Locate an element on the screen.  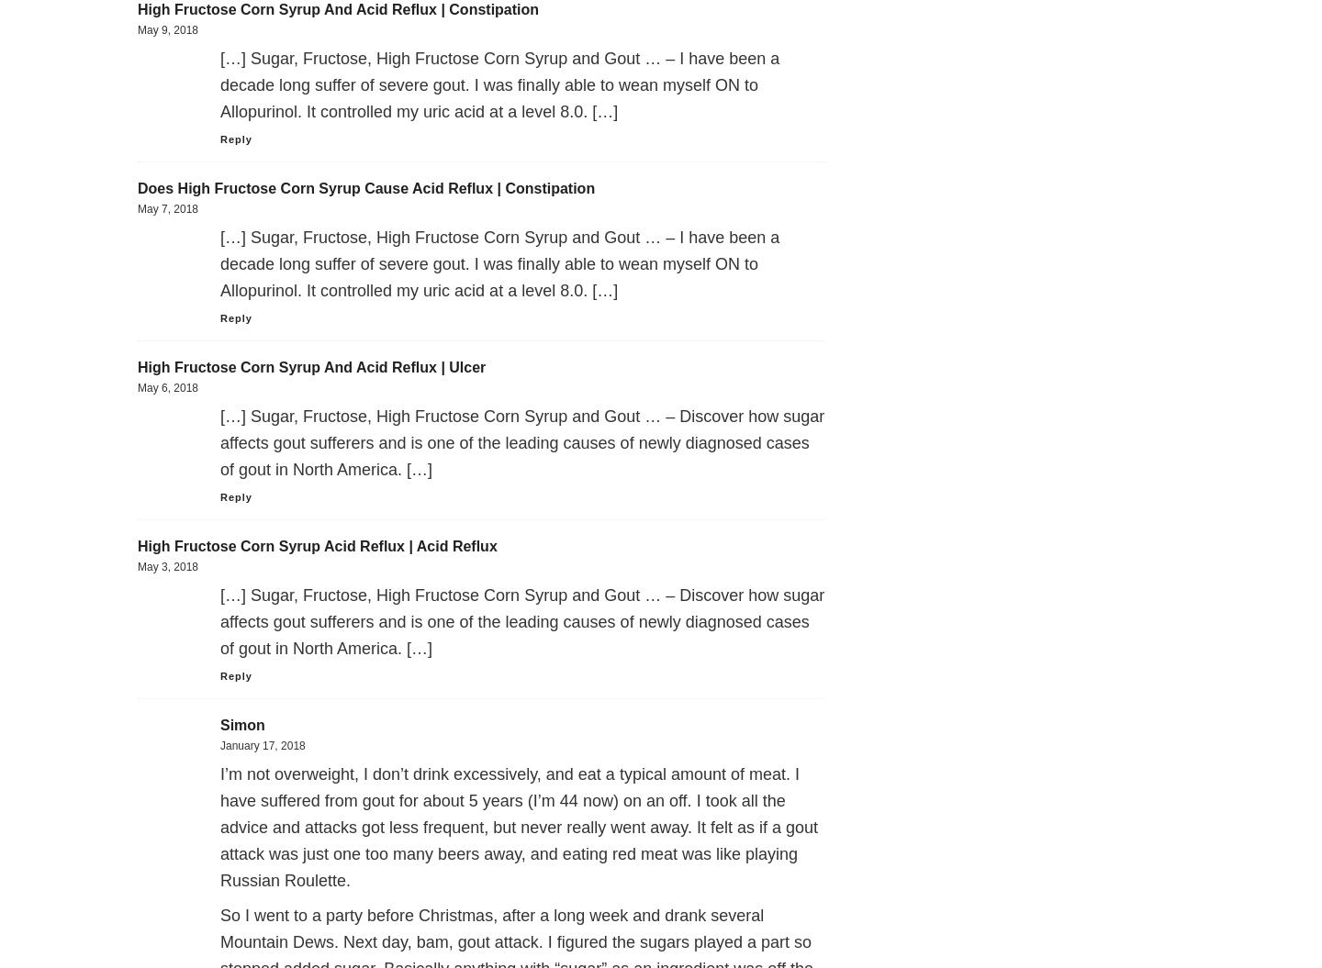
'May 9, 2018' is located at coordinates (168, 30).